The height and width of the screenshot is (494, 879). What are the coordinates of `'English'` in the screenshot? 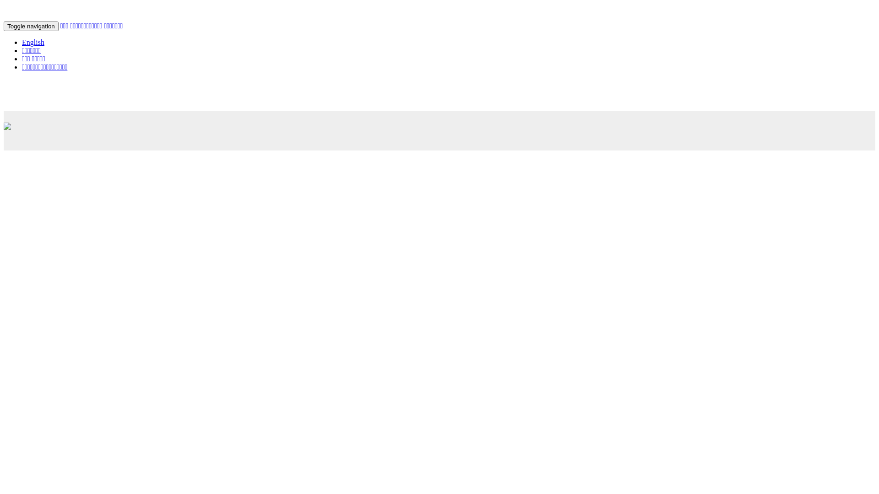 It's located at (22, 42).